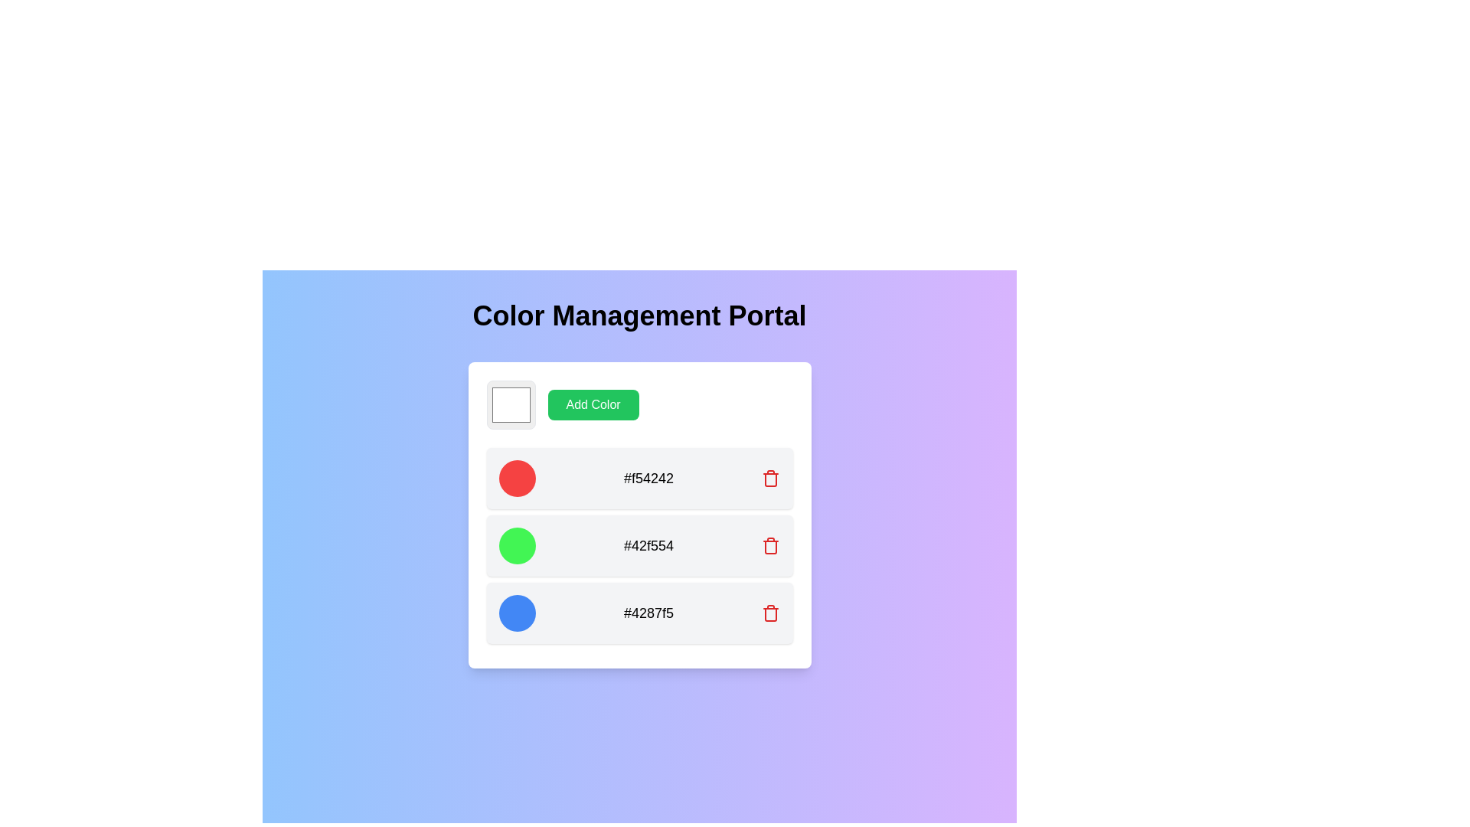 This screenshot has height=827, width=1470. What do you see at coordinates (771, 545) in the screenshot?
I see `the trash can icon in the top-right corner of the card showing the green color swatch '#42f554'` at bounding box center [771, 545].